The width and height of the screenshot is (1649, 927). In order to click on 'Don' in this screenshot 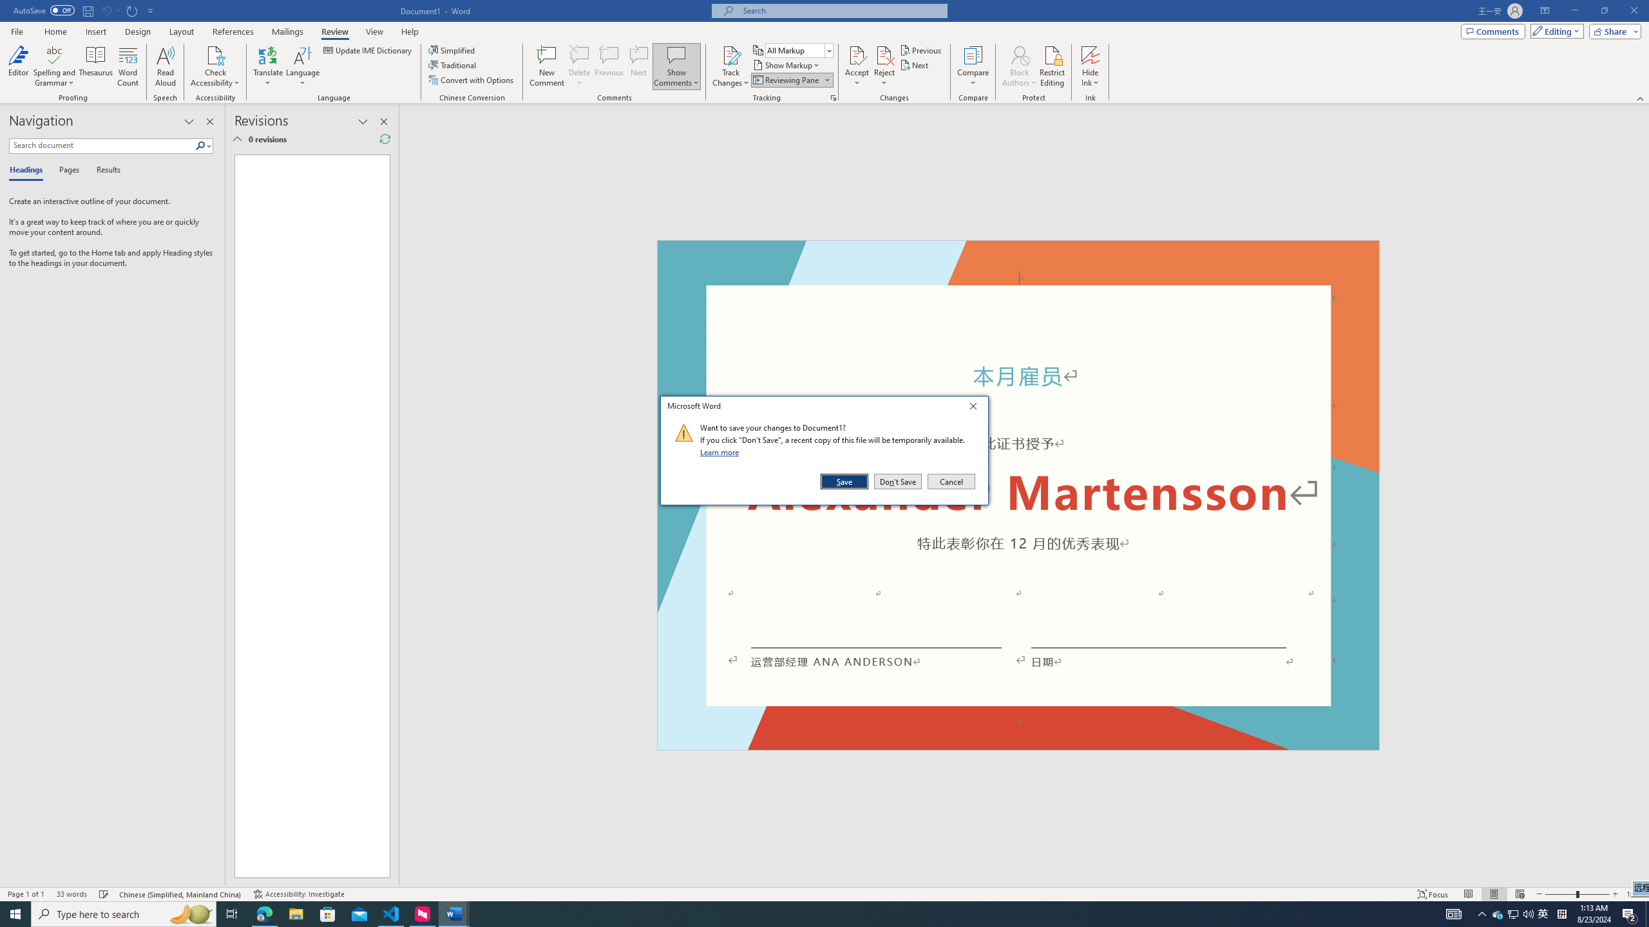, I will do `click(897, 481)`.